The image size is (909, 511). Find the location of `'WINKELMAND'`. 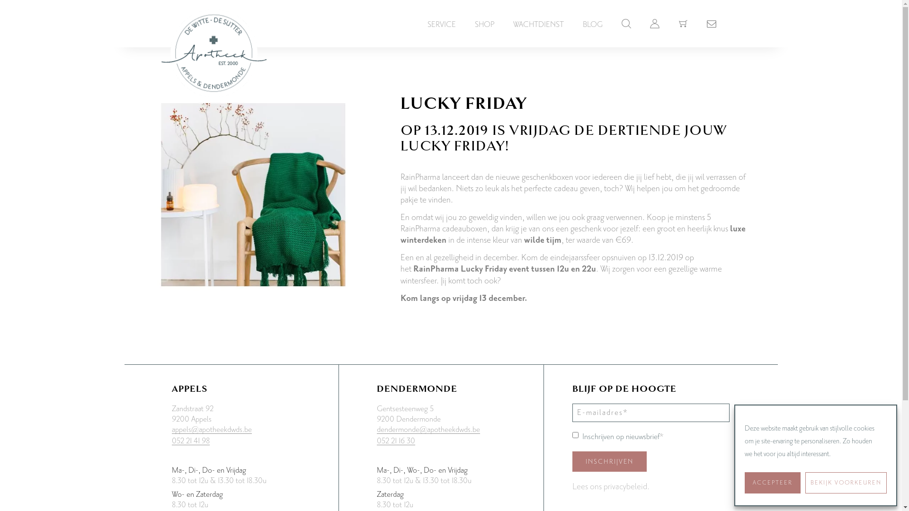

'WINKELMAND' is located at coordinates (682, 21).